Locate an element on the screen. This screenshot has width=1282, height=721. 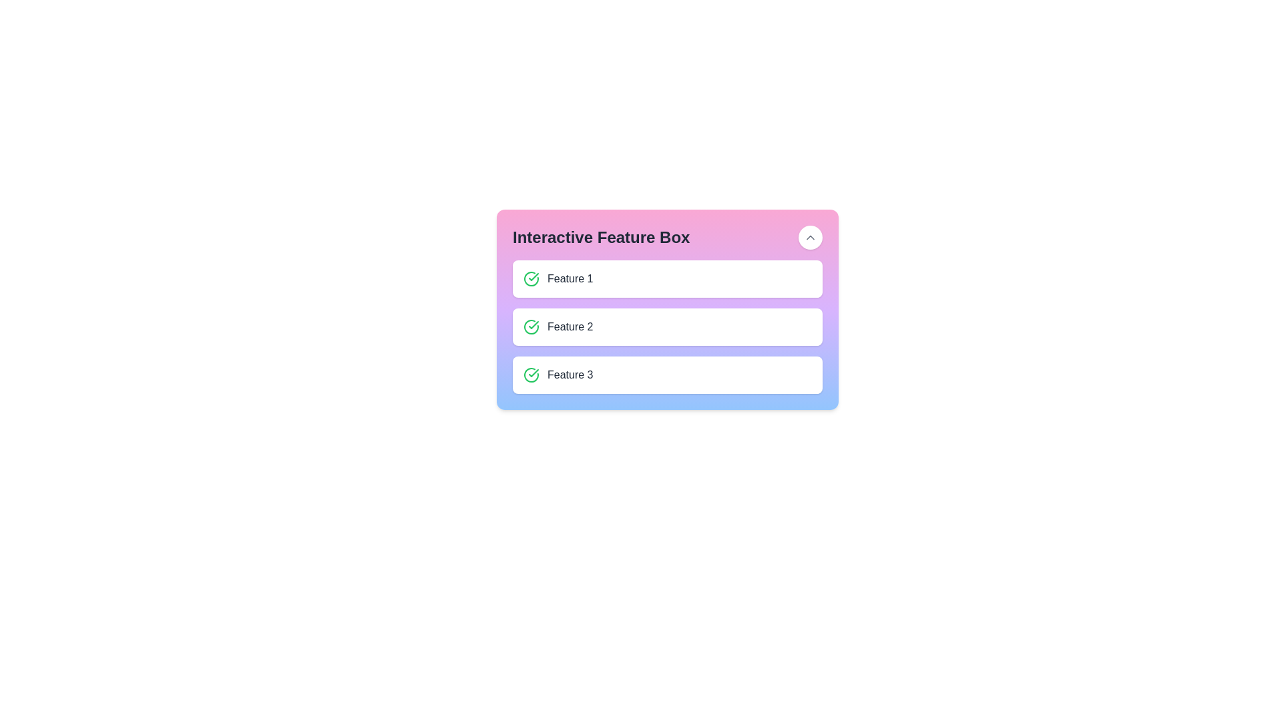
the success indicator icon for 'Feature 2' in the vertically stacked list is located at coordinates (531, 326).